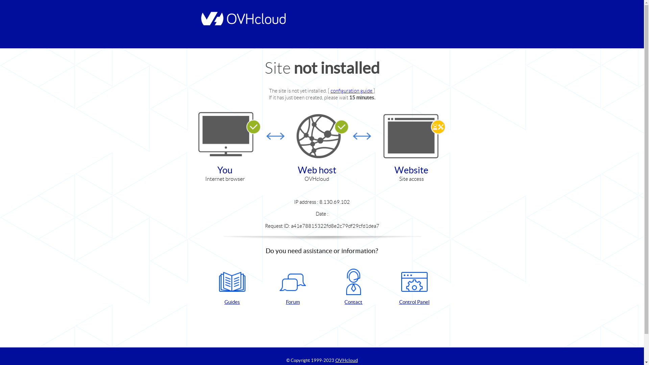 Image resolution: width=649 pixels, height=365 pixels. Describe the element at coordinates (326, 287) in the screenshot. I see `'Contact'` at that location.